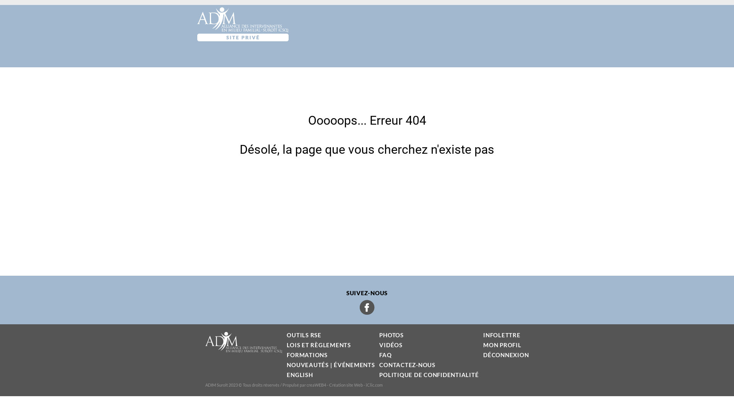  Describe the element at coordinates (391, 334) in the screenshot. I see `'PHOTOS'` at that location.